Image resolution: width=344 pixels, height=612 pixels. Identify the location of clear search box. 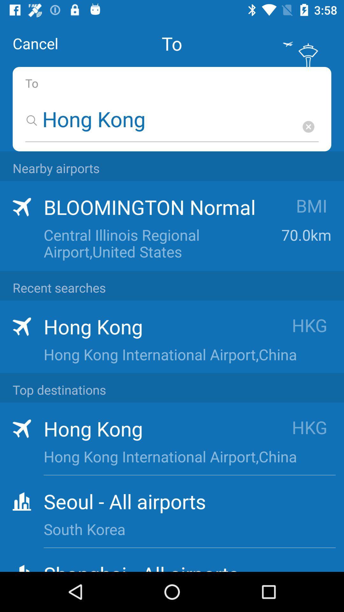
(308, 127).